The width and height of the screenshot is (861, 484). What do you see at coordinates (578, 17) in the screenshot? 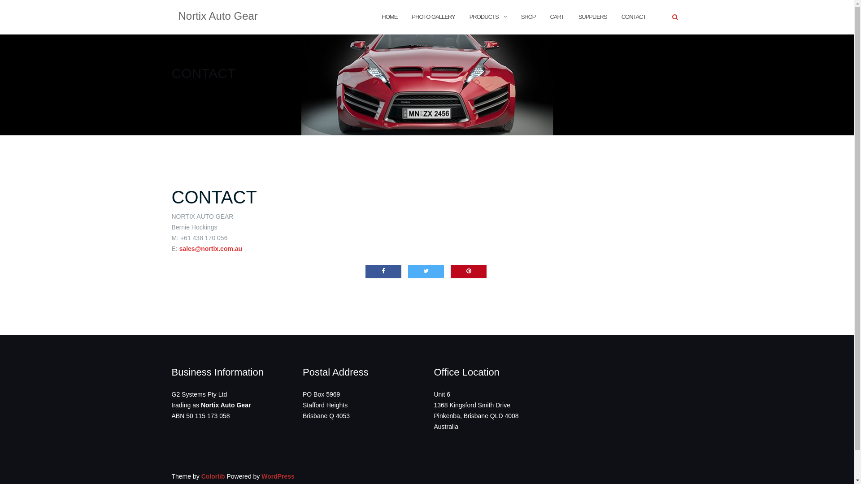
I see `'SUPPLIERS'` at bounding box center [578, 17].